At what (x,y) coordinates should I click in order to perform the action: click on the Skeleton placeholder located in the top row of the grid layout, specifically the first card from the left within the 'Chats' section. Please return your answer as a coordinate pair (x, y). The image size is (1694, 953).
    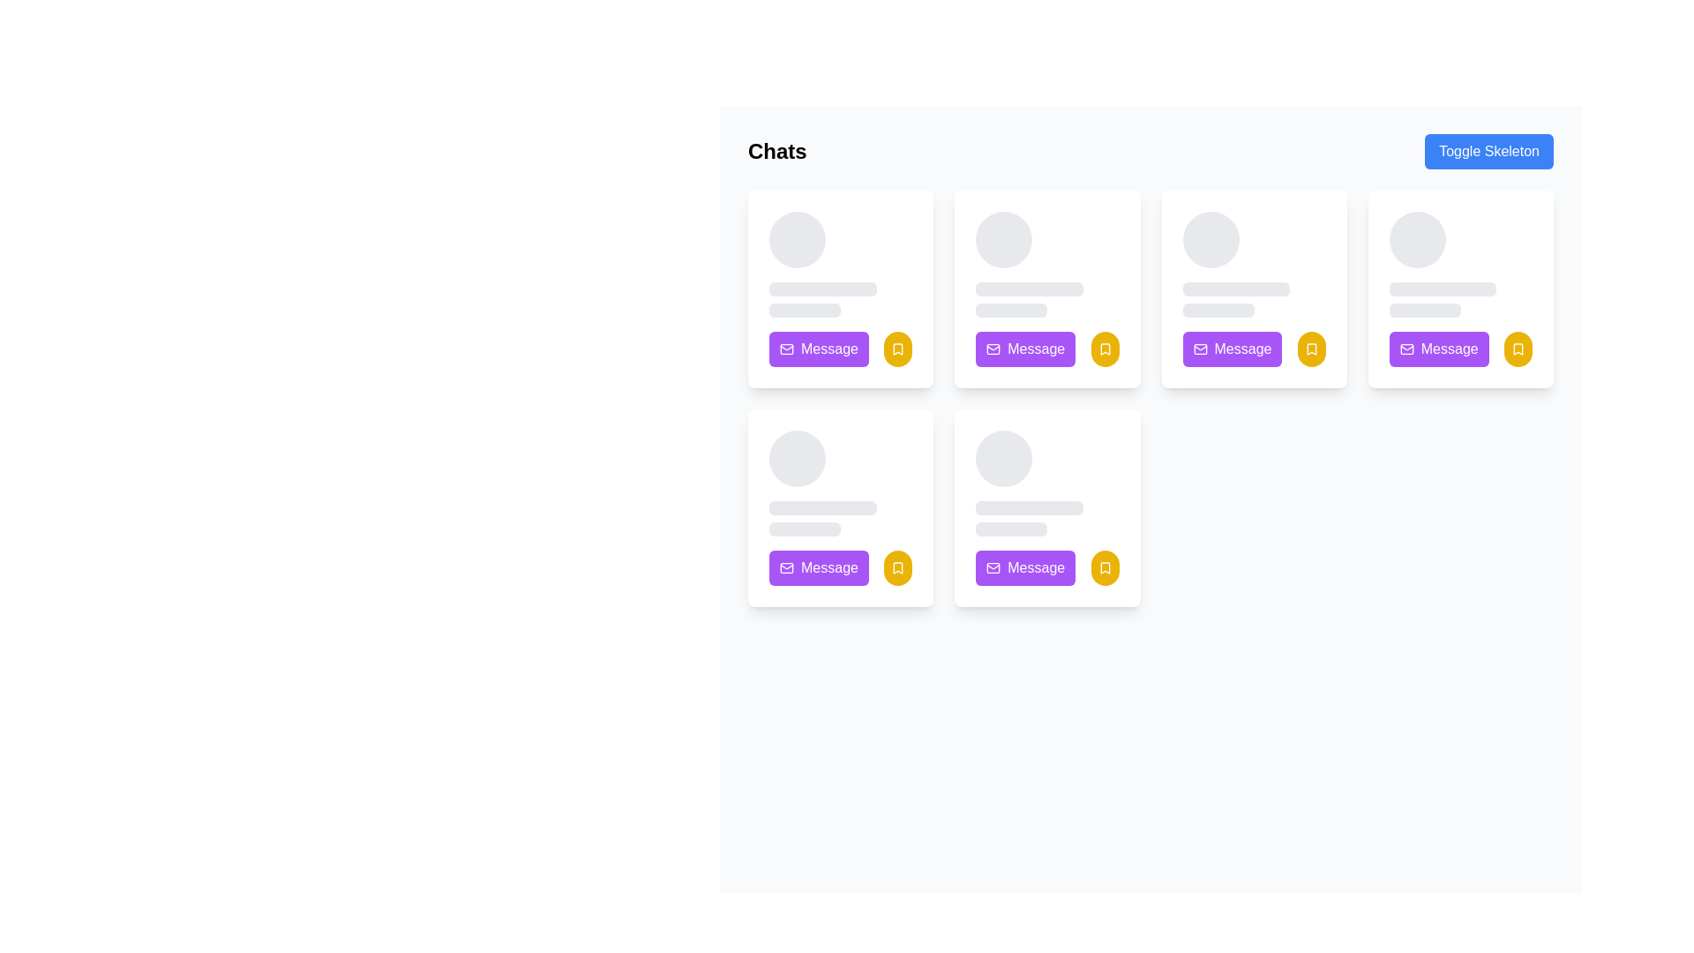
    Looking at the image, I should click on (840, 265).